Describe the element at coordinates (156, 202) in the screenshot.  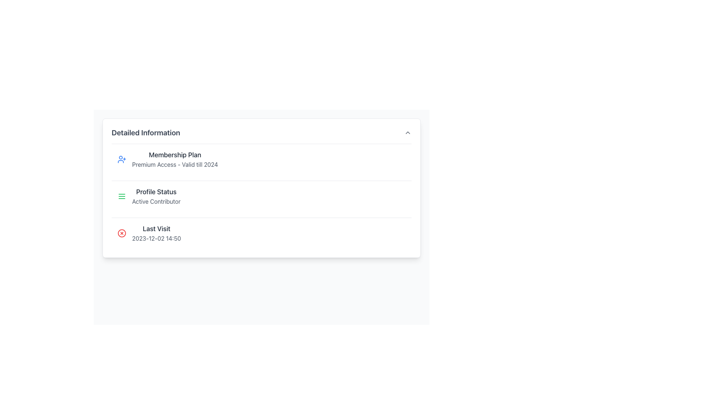
I see `the text label that reads 'Active Contributor,' which is styled in gray and located beneath the bold label 'Profile Status.'` at that location.